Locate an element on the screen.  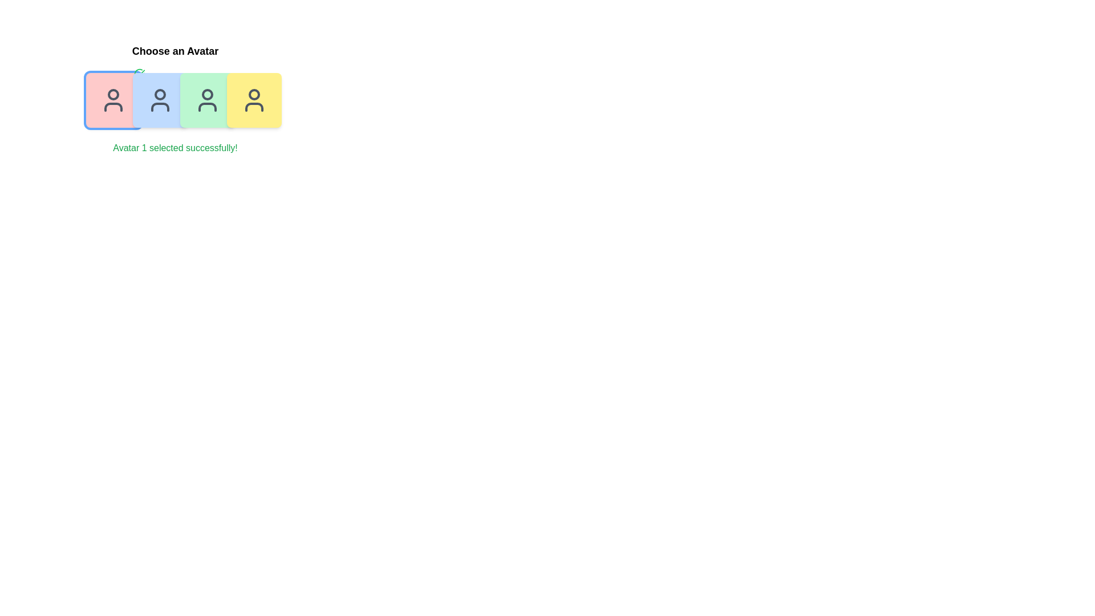
the decorative lower section of the user avatar icon, which is located in the leftmost position of a row of avatars with a red background is located at coordinates (113, 107).